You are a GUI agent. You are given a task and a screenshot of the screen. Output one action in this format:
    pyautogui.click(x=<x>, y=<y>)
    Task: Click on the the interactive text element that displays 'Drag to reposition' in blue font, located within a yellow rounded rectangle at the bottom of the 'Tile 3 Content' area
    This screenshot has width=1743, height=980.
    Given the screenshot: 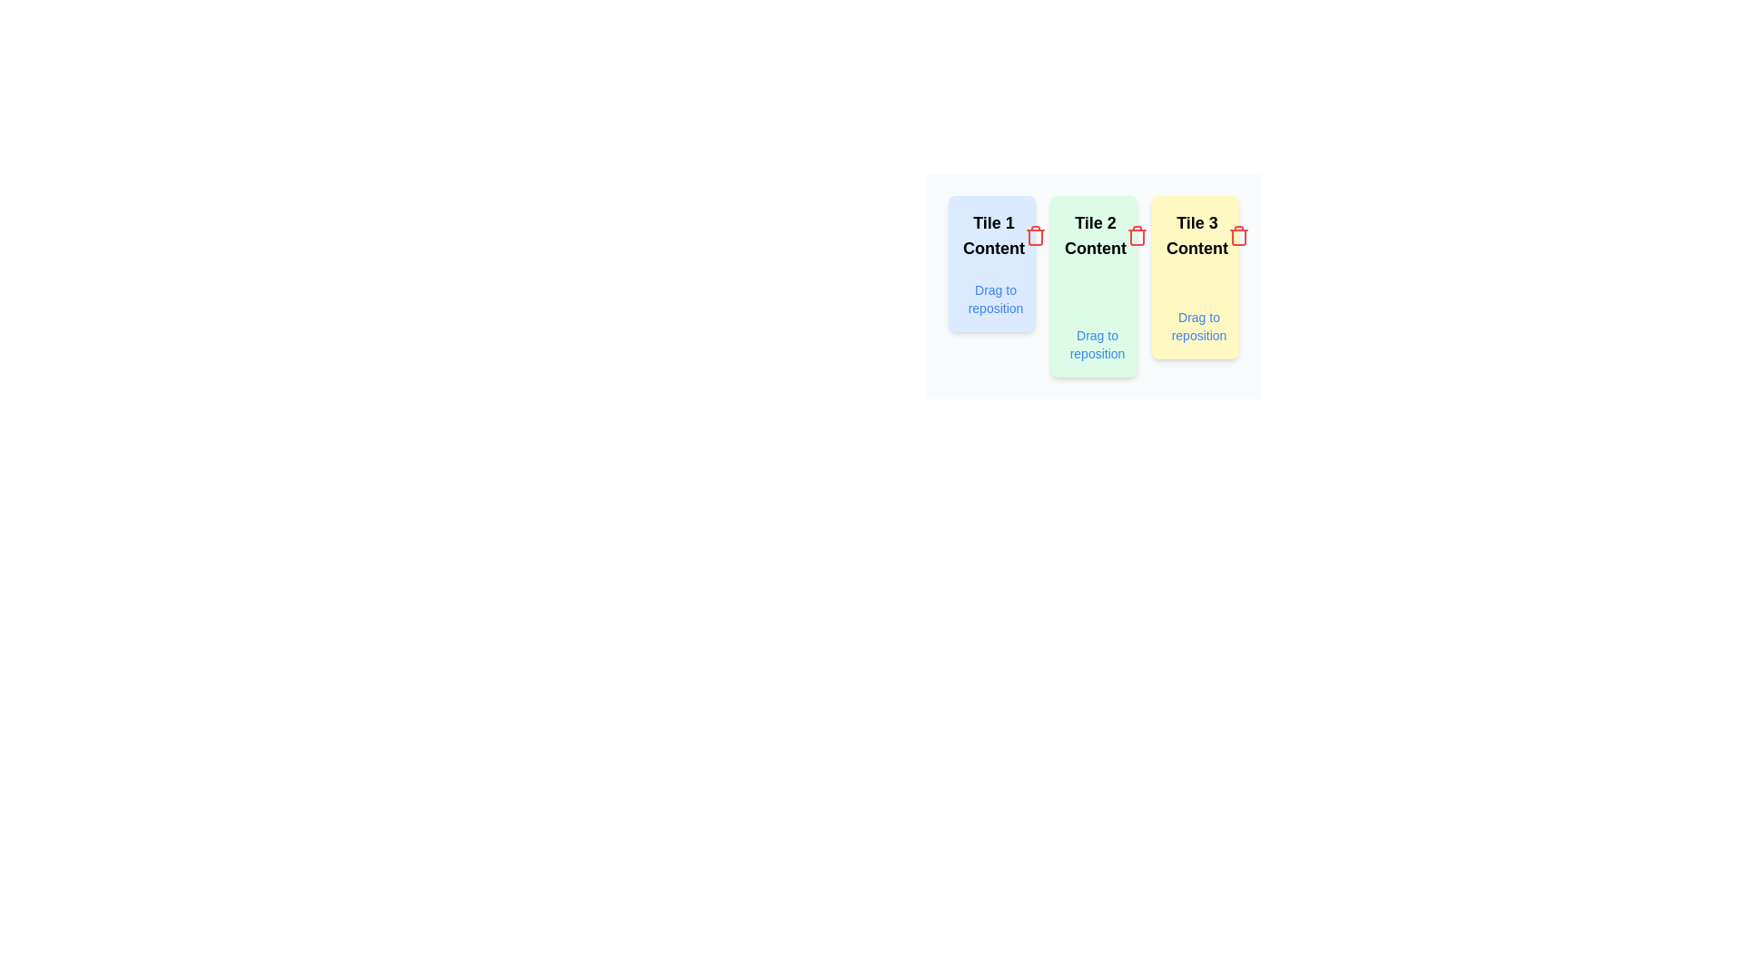 What is the action you would take?
    pyautogui.click(x=1195, y=325)
    